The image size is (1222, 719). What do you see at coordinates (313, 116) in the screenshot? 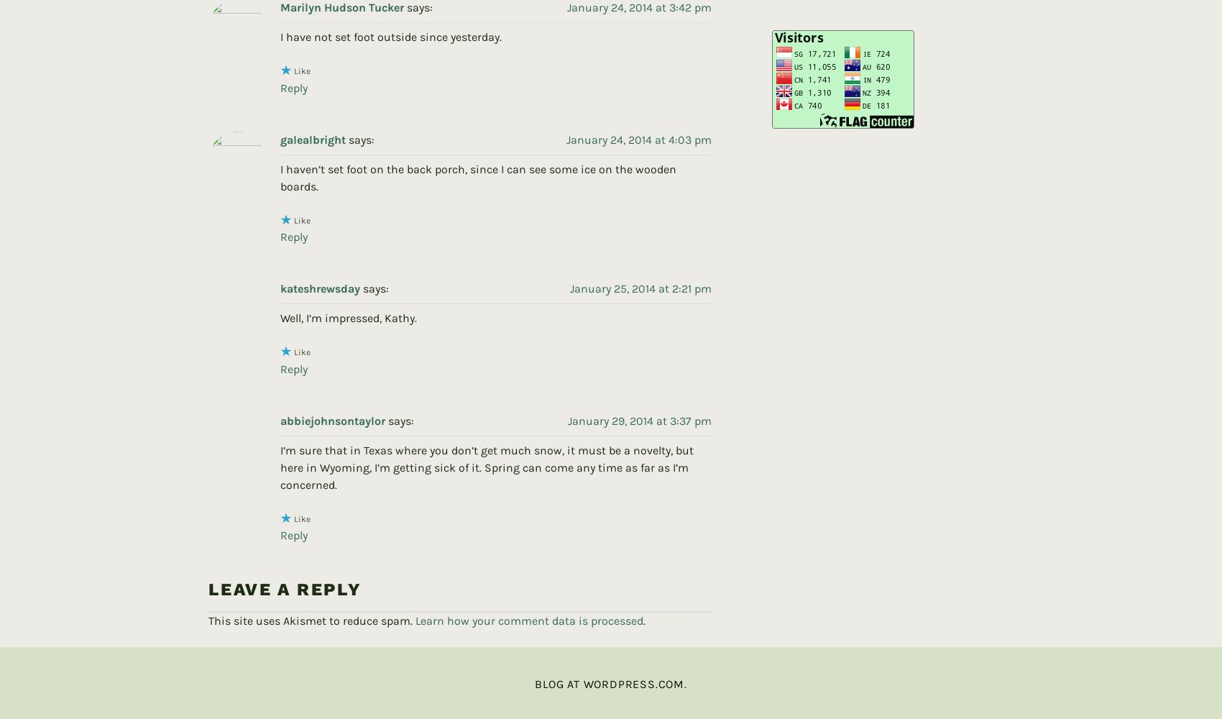
I see `'galealbright'` at bounding box center [313, 116].